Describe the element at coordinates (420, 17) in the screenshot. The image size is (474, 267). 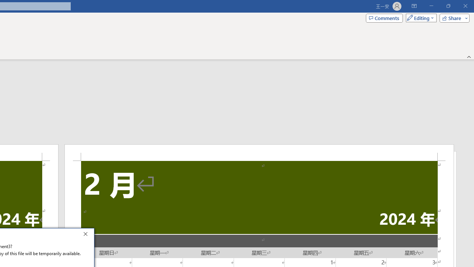
I see `'Mode'` at that location.